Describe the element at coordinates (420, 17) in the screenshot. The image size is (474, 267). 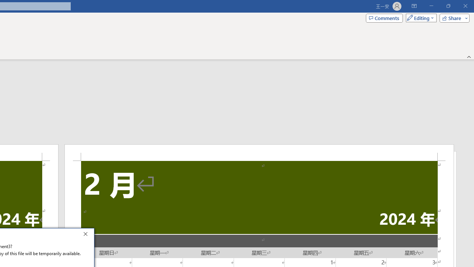
I see `'Mode'` at that location.